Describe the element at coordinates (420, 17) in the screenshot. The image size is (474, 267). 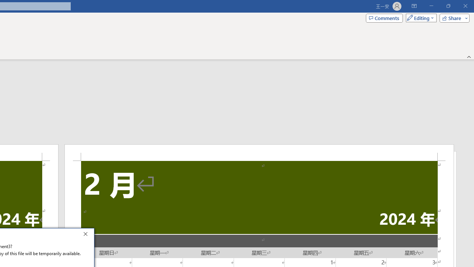
I see `'Mode'` at that location.